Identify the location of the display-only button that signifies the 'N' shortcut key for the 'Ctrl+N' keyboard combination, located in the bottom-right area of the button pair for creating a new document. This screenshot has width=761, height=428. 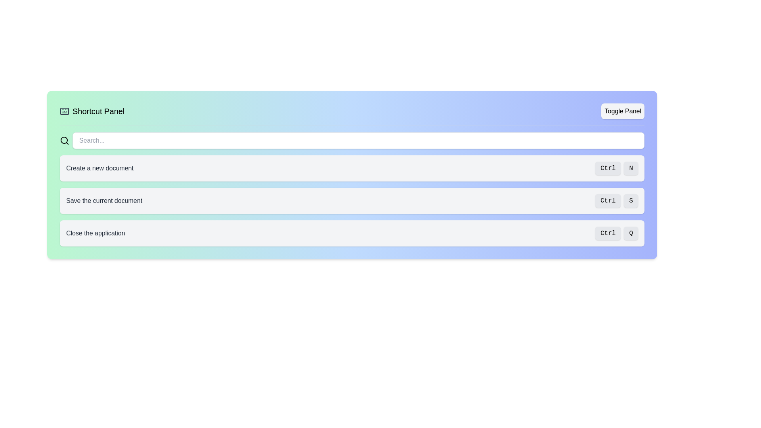
(631, 168).